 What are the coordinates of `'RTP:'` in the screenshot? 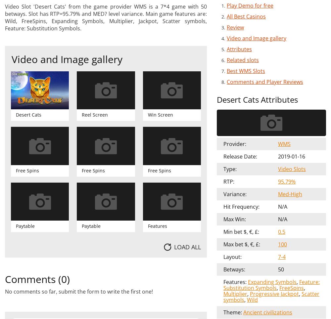 It's located at (228, 181).